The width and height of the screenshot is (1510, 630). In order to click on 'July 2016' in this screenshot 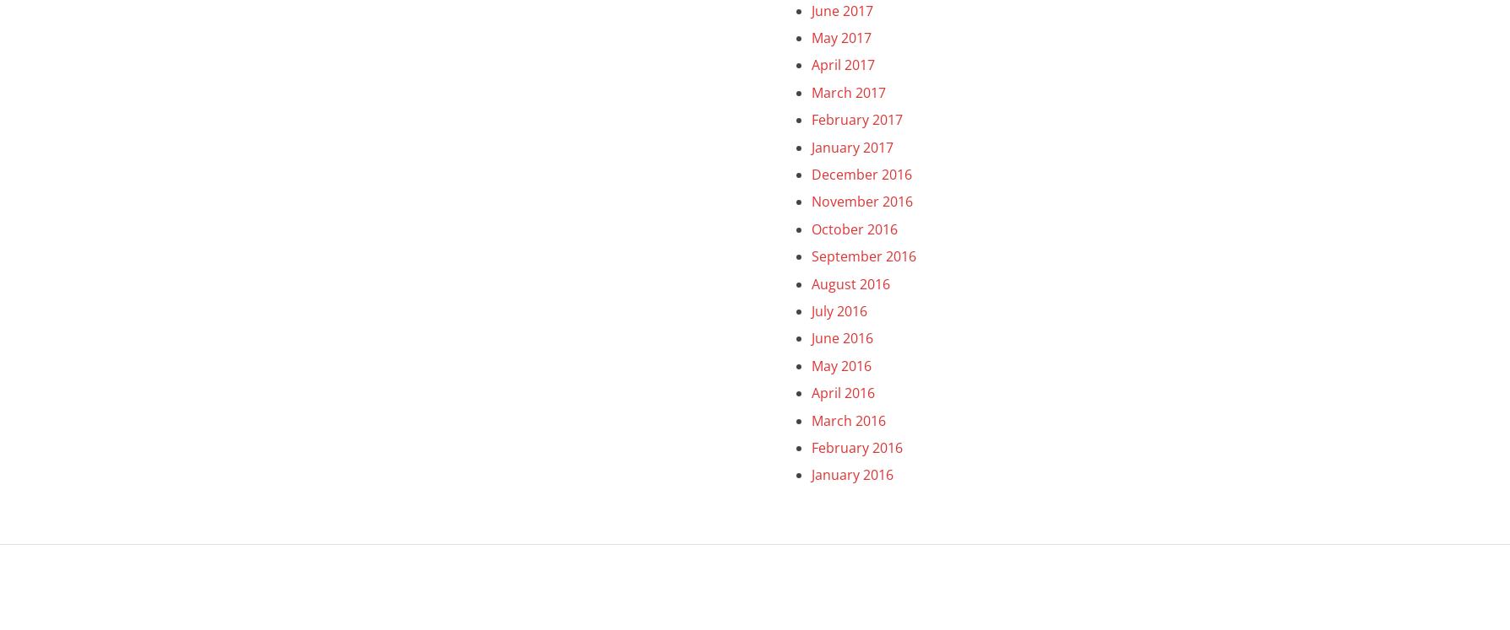, I will do `click(839, 310)`.